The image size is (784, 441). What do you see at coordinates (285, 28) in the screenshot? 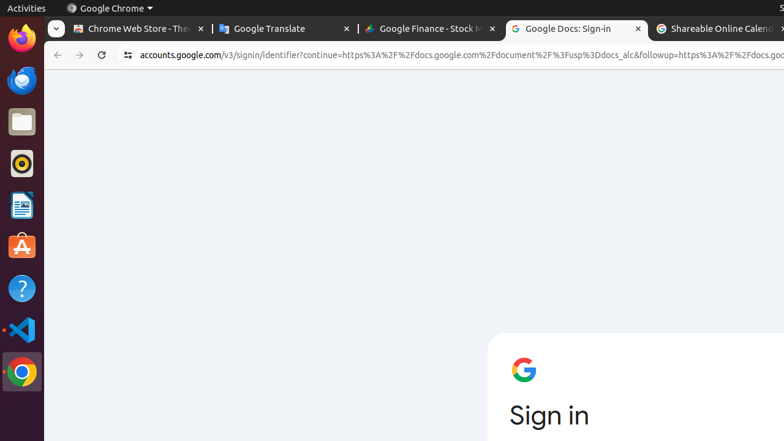
I see `'Google Translate - Memory usage - 77.6 MB'` at bounding box center [285, 28].